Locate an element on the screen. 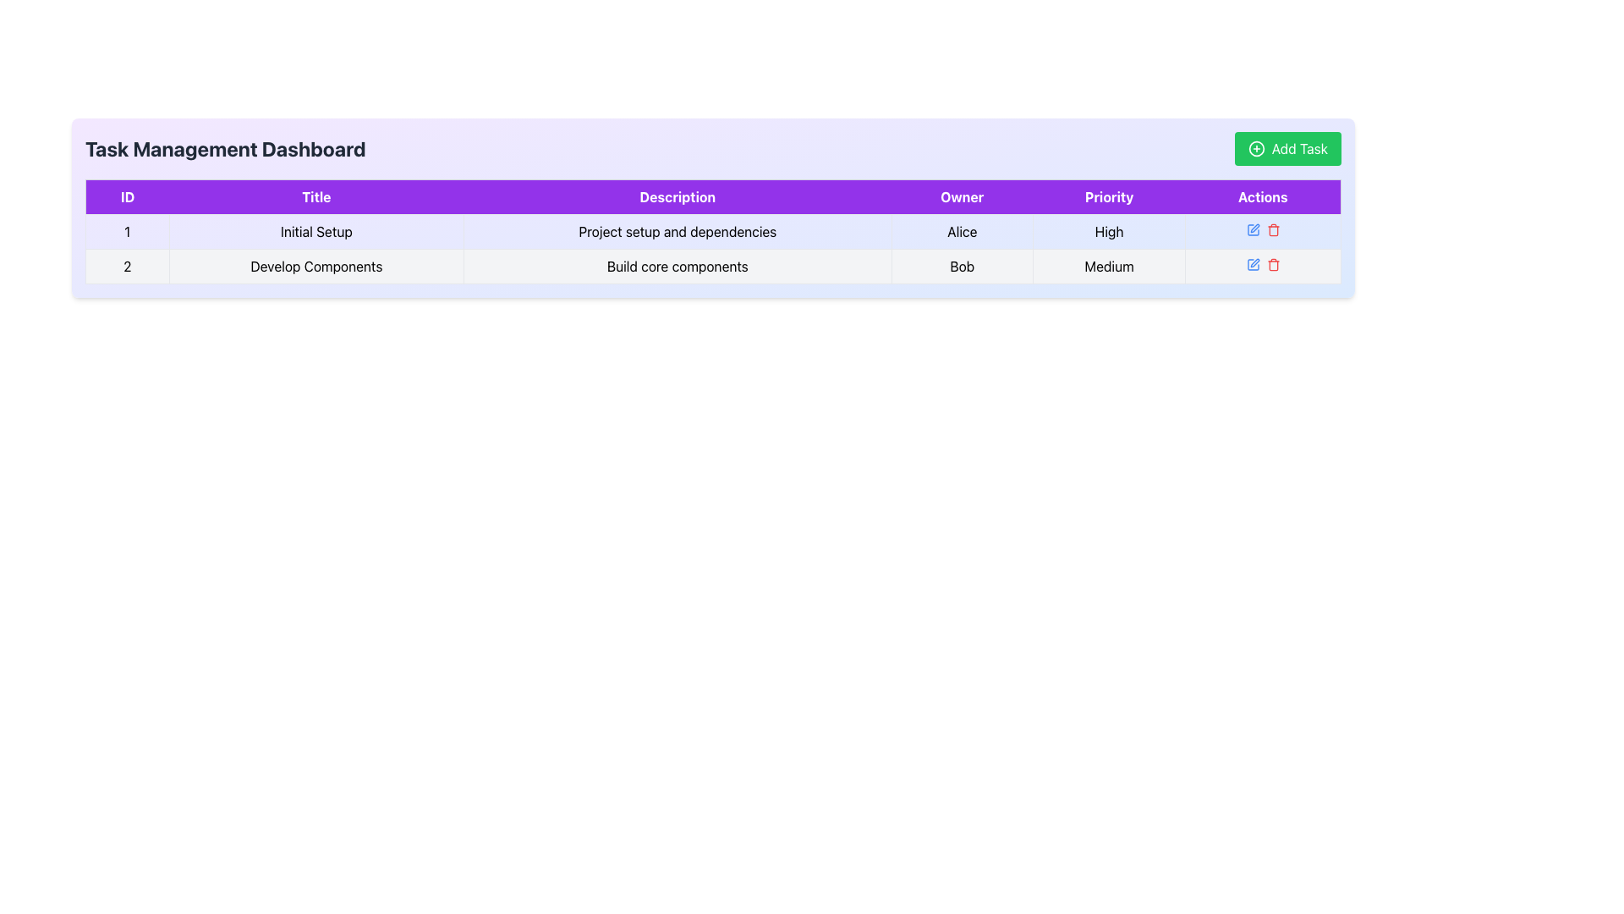 The width and height of the screenshot is (1624, 914). the delete button in the 'Actions' column of the first task row is located at coordinates (1273, 230).